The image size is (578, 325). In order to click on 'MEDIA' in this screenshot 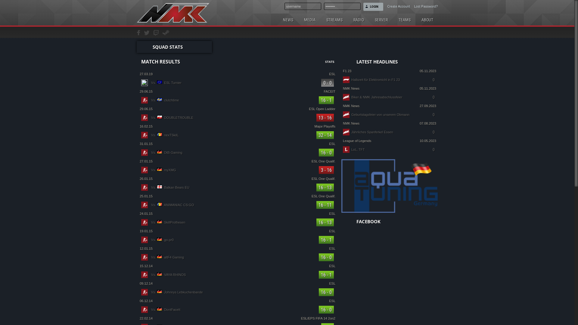, I will do `click(309, 19)`.